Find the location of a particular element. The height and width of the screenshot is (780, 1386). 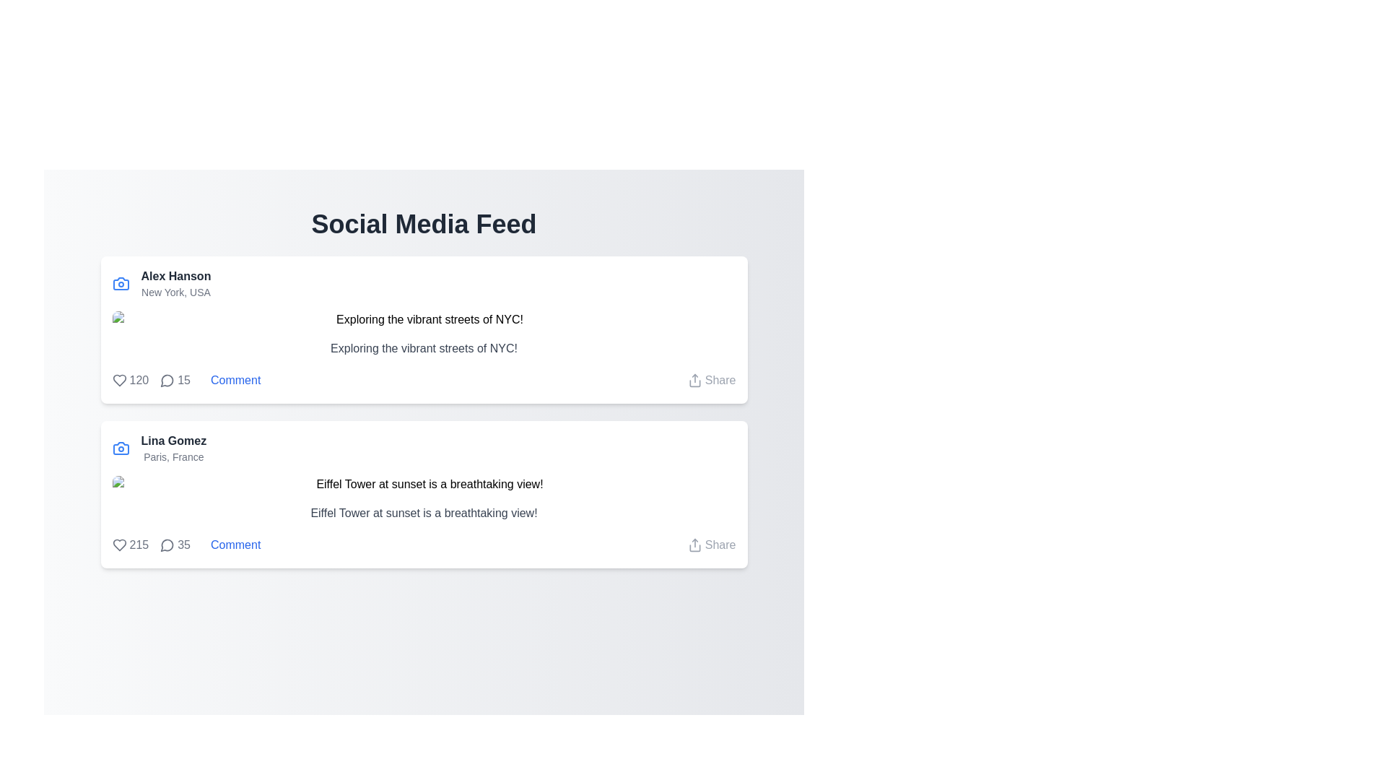

the text label displaying the number '215', which is positioned immediately after a heart icon and before a comment icon in the second post component under 'Lina Gomez' is located at coordinates (139, 545).